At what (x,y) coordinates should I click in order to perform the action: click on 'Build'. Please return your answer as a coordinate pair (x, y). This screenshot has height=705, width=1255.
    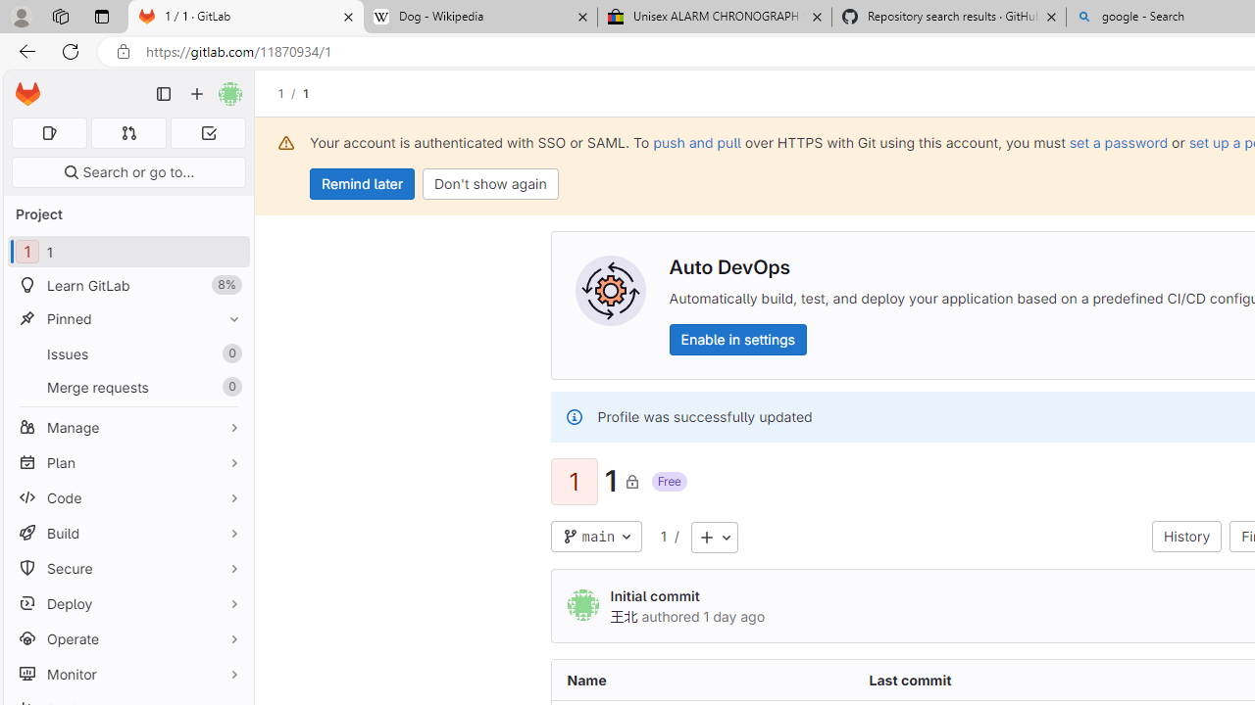
    Looking at the image, I should click on (127, 533).